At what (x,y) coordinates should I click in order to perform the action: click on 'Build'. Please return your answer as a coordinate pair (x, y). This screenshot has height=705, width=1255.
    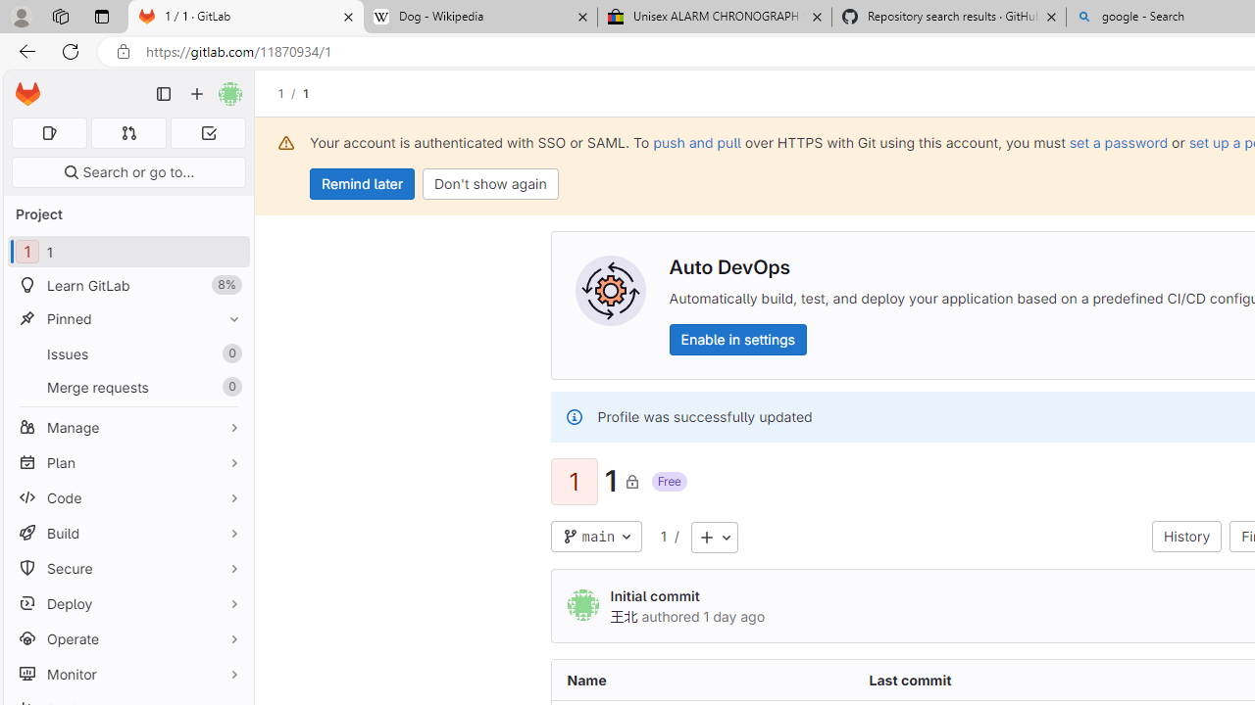
    Looking at the image, I should click on (127, 533).